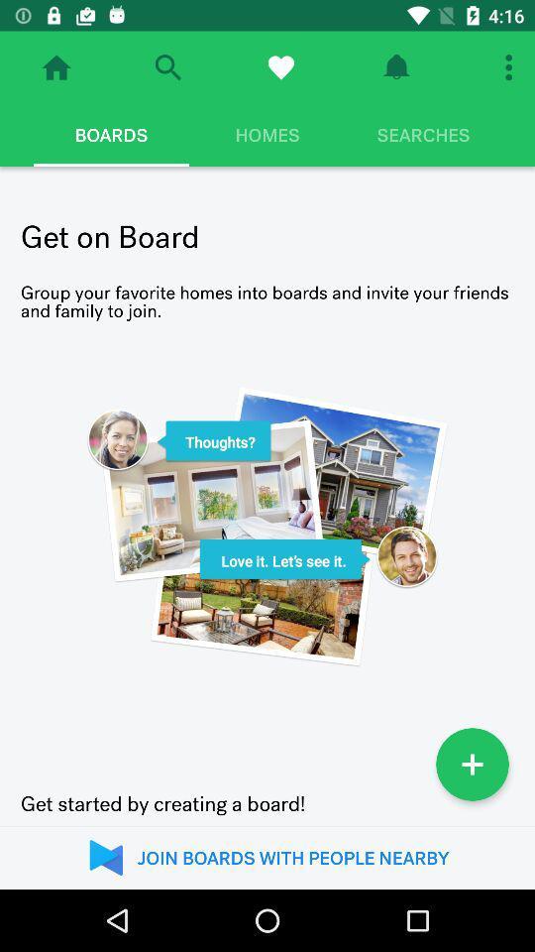 This screenshot has width=535, height=952. Describe the element at coordinates (166, 67) in the screenshot. I see `search` at that location.